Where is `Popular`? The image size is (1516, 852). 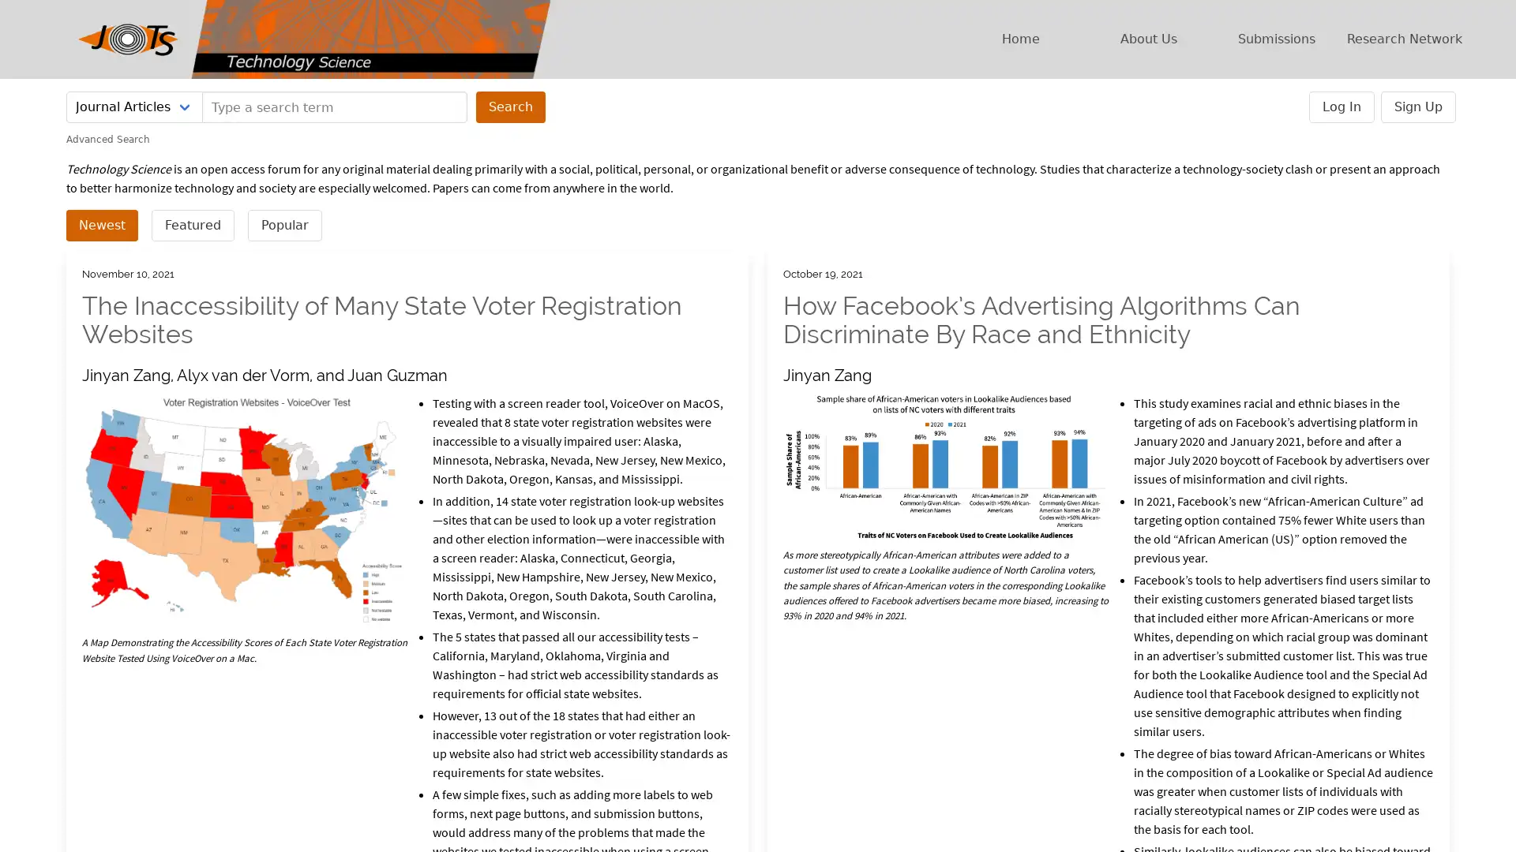
Popular is located at coordinates (284, 225).